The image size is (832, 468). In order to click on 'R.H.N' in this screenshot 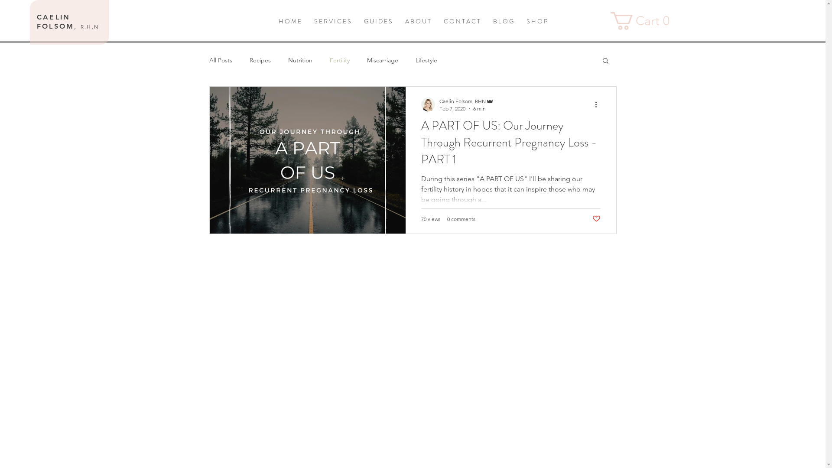, I will do `click(81, 26)`.